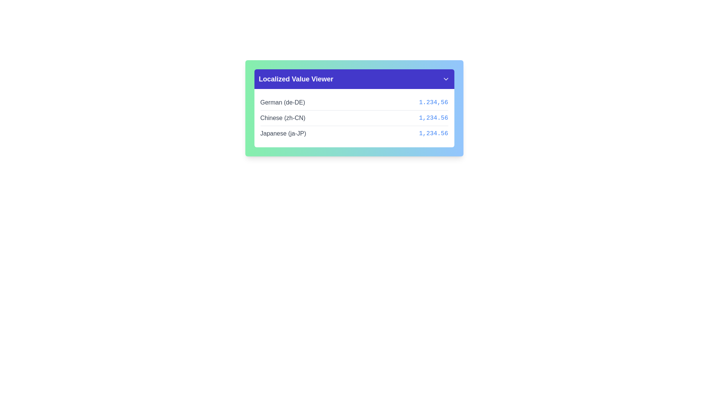 The height and width of the screenshot is (409, 727). What do you see at coordinates (283, 133) in the screenshot?
I see `the static text label that identifies the language and locale code corresponding to the monetary value '1,234.56' in the third row of the 'Localized Value Viewer' table` at bounding box center [283, 133].